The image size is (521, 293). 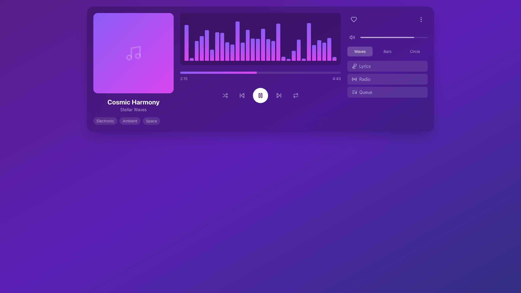 What do you see at coordinates (222, 46) in the screenshot?
I see `the eighth vertical bar in the bar chart, which has a gradient color from fuchsia at the bottom to violet at the top and a rounded top` at bounding box center [222, 46].